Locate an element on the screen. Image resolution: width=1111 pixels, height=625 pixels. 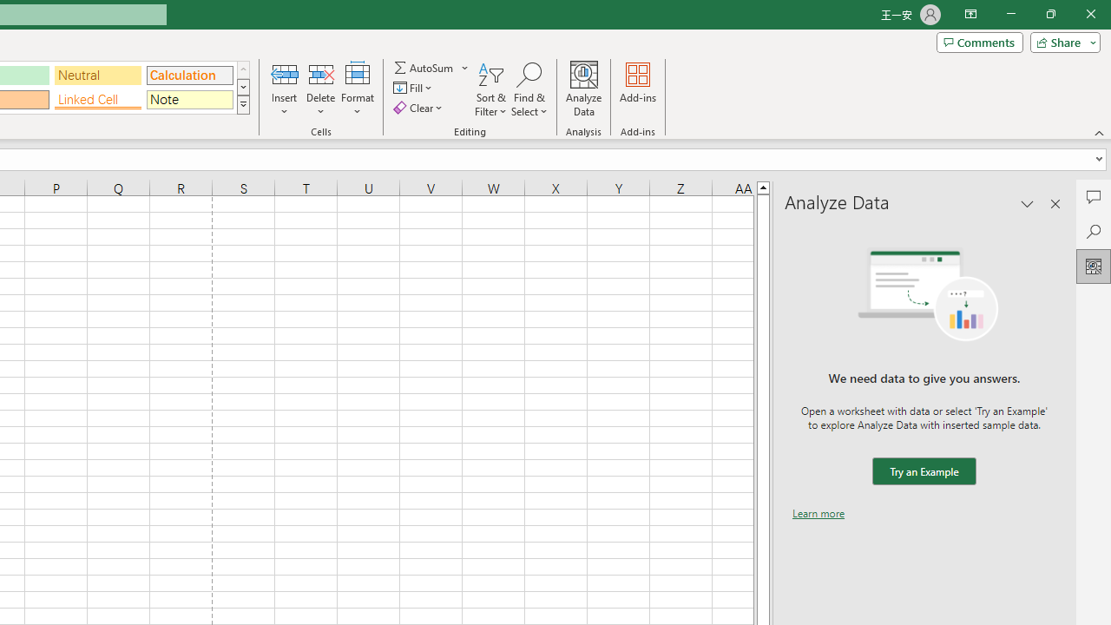
'Format' is located at coordinates (357, 89).